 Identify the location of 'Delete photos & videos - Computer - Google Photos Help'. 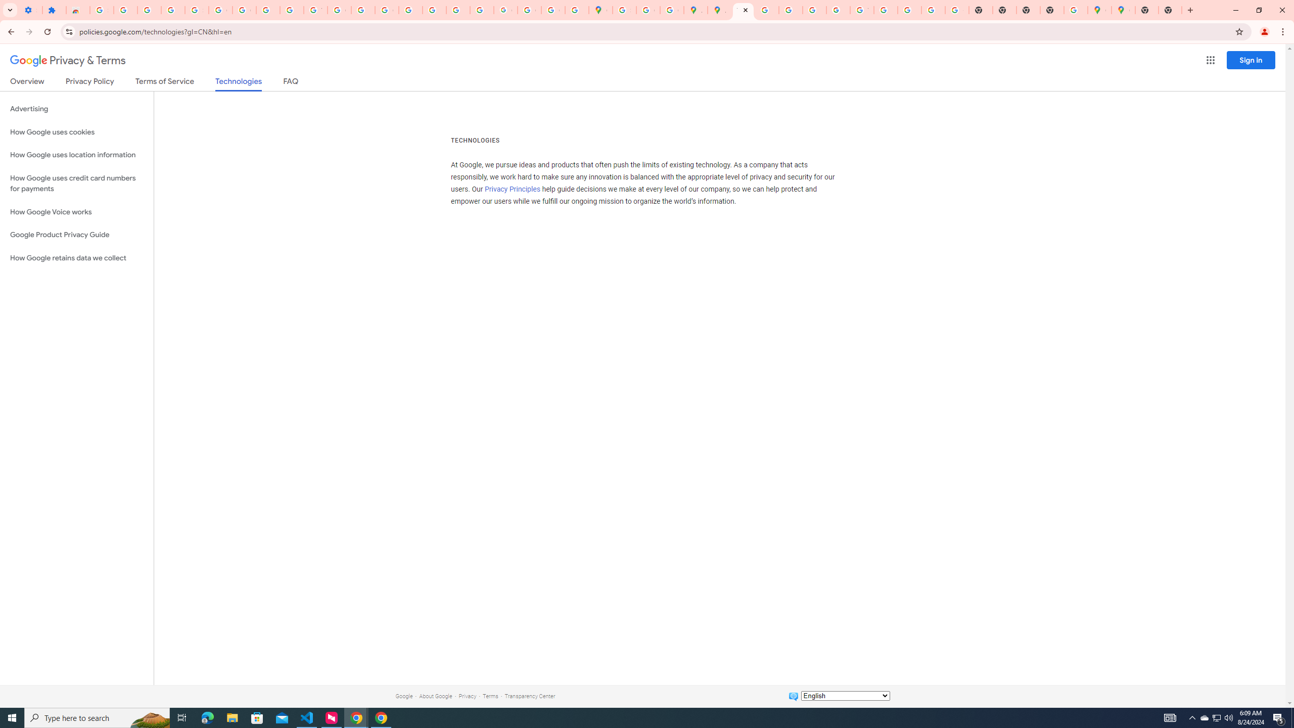
(125, 10).